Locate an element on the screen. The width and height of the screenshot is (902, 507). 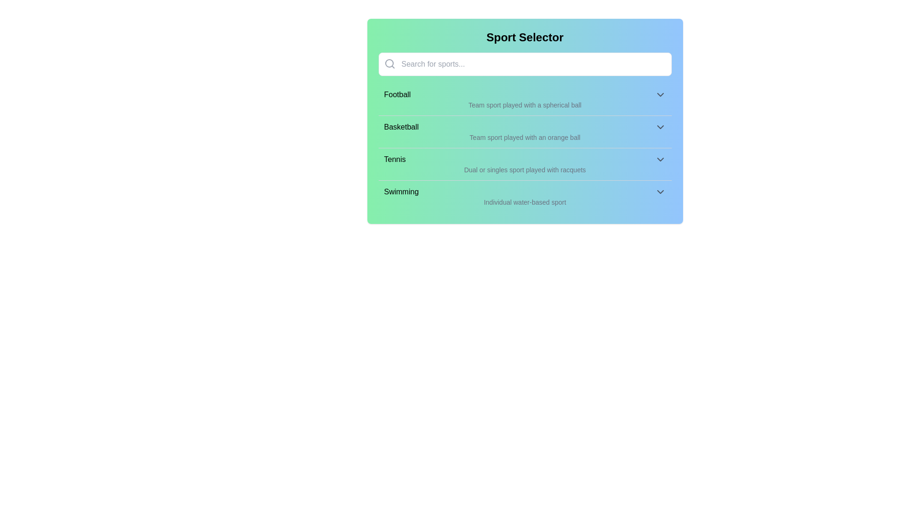
the search bar in the Dropdown menu is located at coordinates (524, 121).